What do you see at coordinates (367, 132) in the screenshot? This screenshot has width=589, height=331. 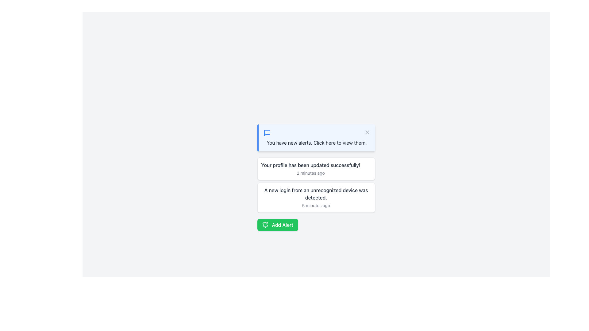 I see `the red slanted cross (X) icon located at the top-right corner of the light blue notification box` at bounding box center [367, 132].